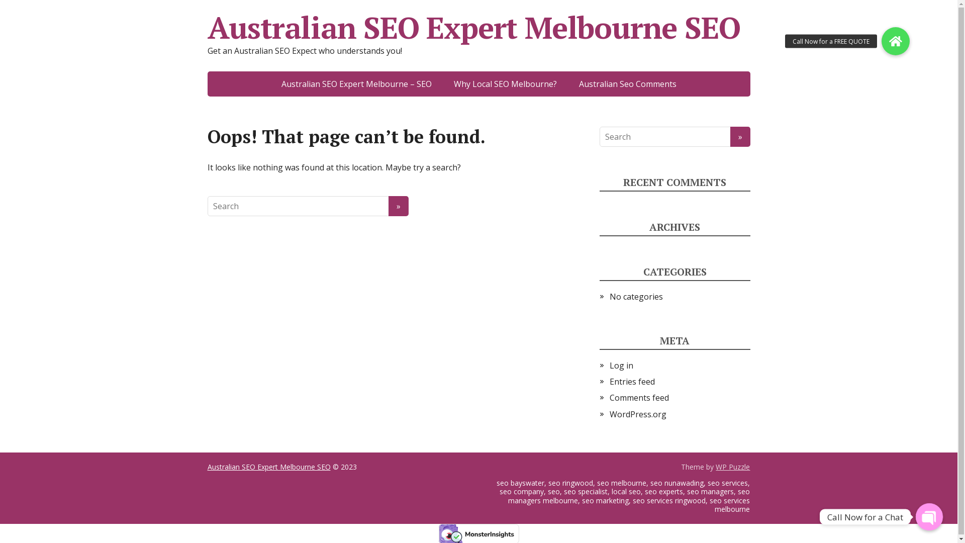 This screenshot has width=965, height=543. Describe the element at coordinates (631, 382) in the screenshot. I see `'Entries feed'` at that location.